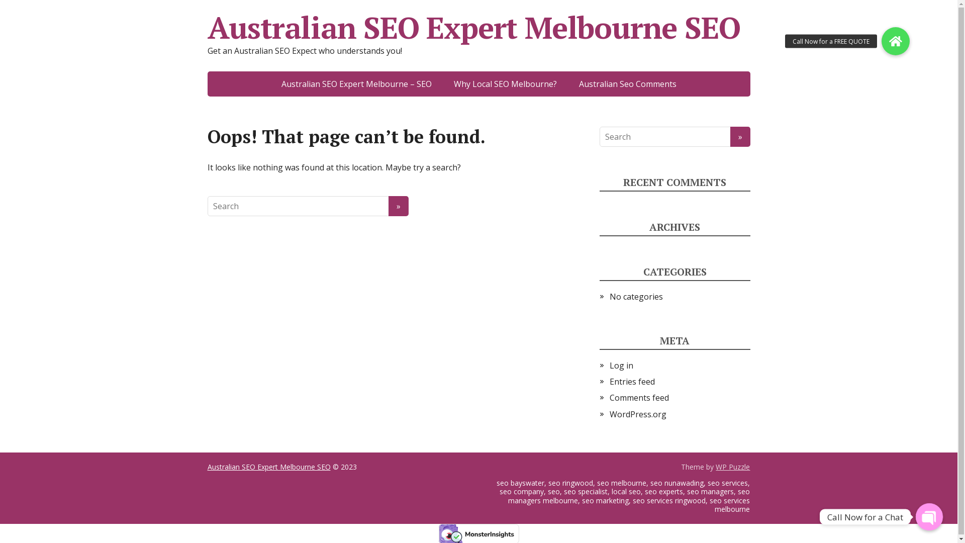 This screenshot has width=965, height=543. Describe the element at coordinates (631, 382) in the screenshot. I see `'Entries feed'` at that location.